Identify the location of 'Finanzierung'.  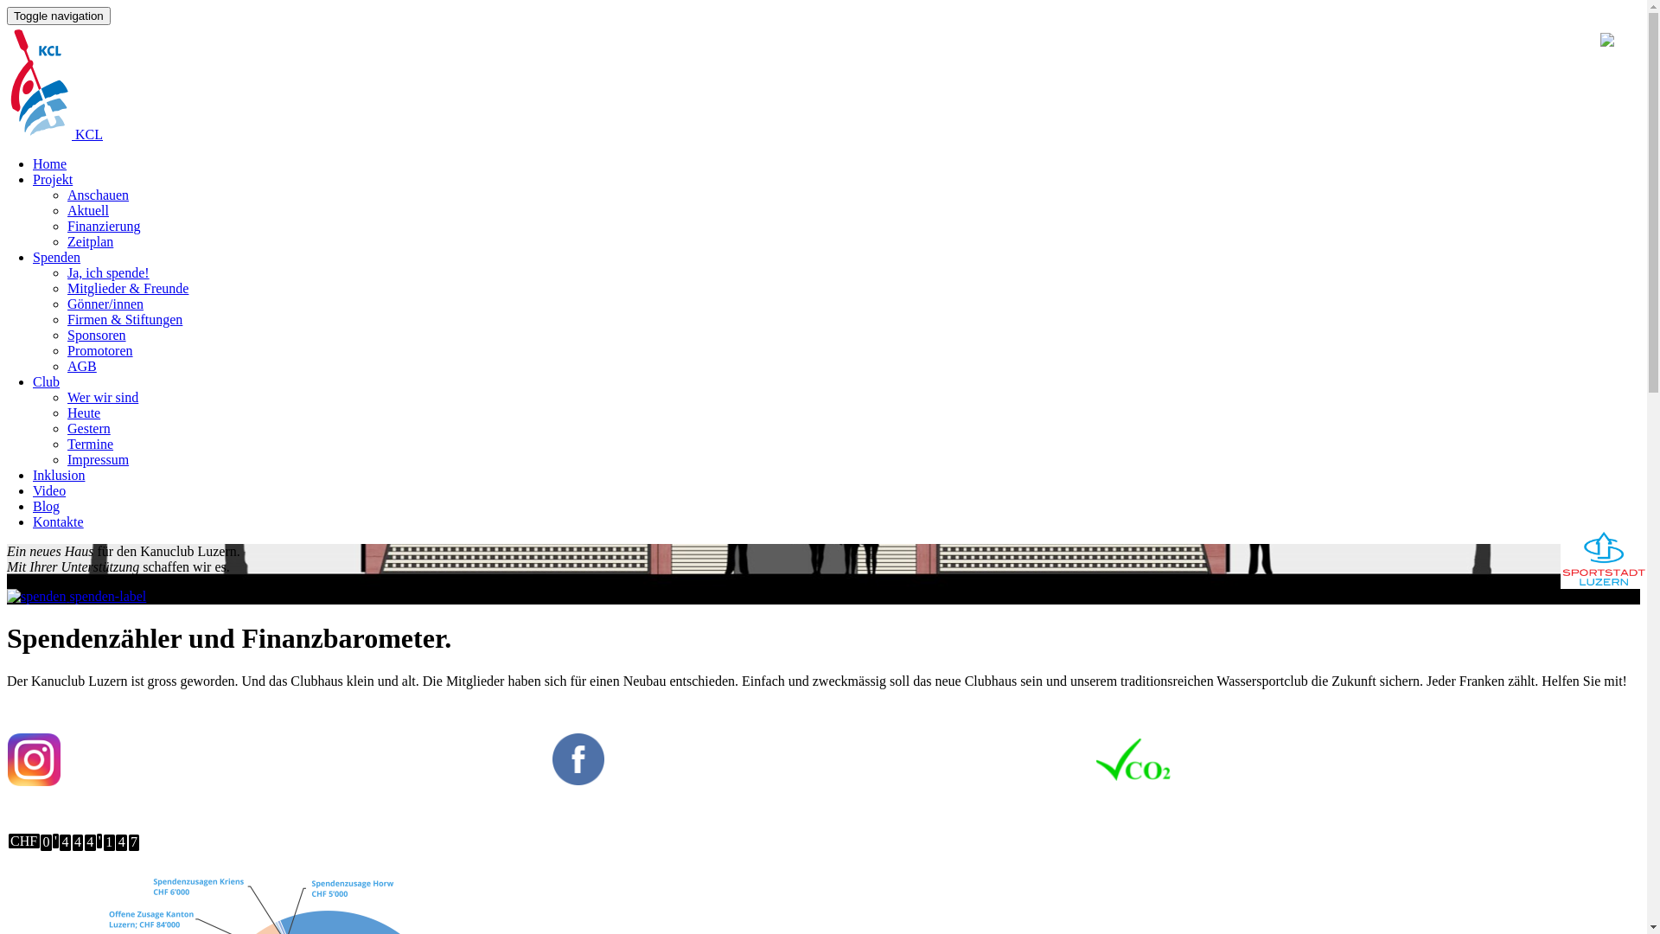
(103, 225).